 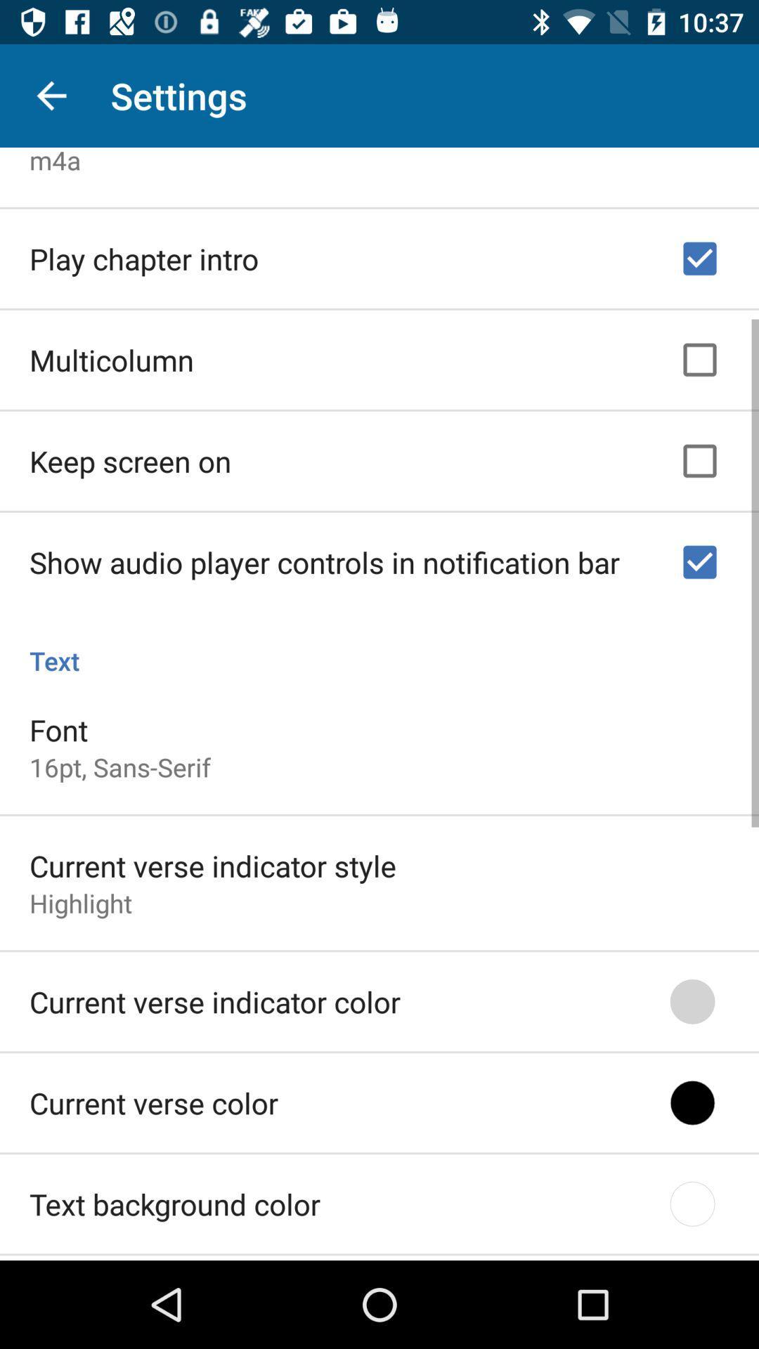 What do you see at coordinates (54, 160) in the screenshot?
I see `m4a` at bounding box center [54, 160].